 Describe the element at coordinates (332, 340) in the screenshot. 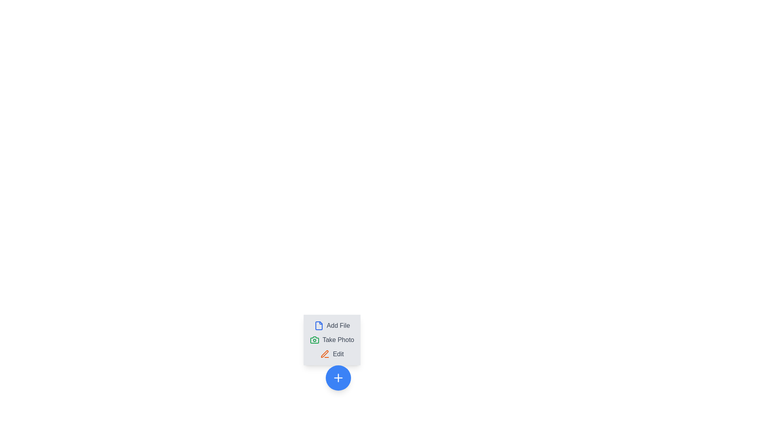

I see `the photo capture button located in the floating menu at the bottom-right of the interface, positioned between the 'Add File' and 'Edit' buttons` at that location.